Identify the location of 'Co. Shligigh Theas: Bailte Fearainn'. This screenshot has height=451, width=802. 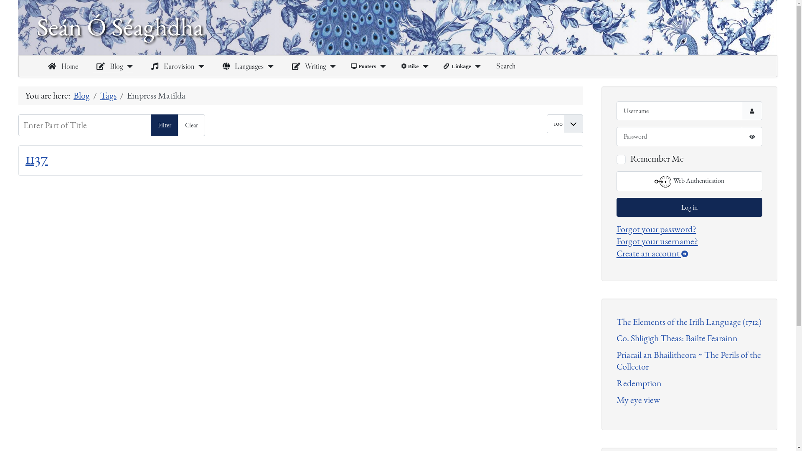
(677, 338).